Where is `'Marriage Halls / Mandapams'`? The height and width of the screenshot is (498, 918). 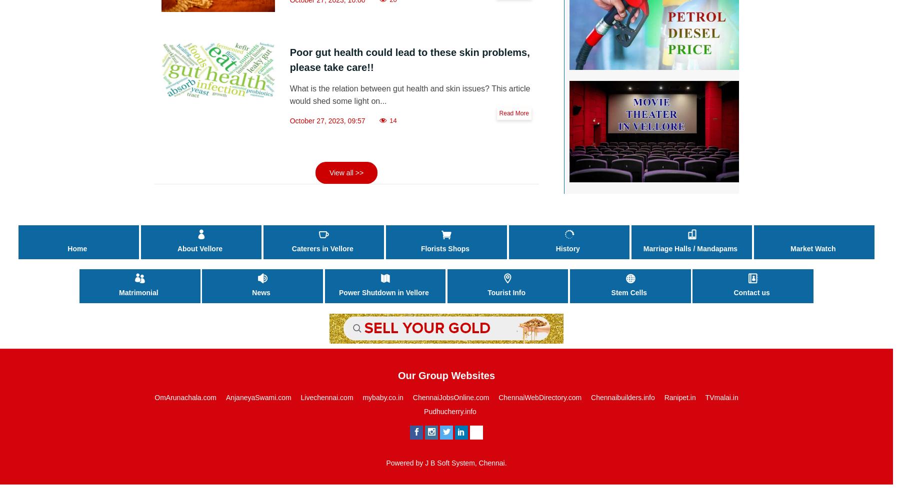 'Marriage Halls / Mandapams' is located at coordinates (690, 249).